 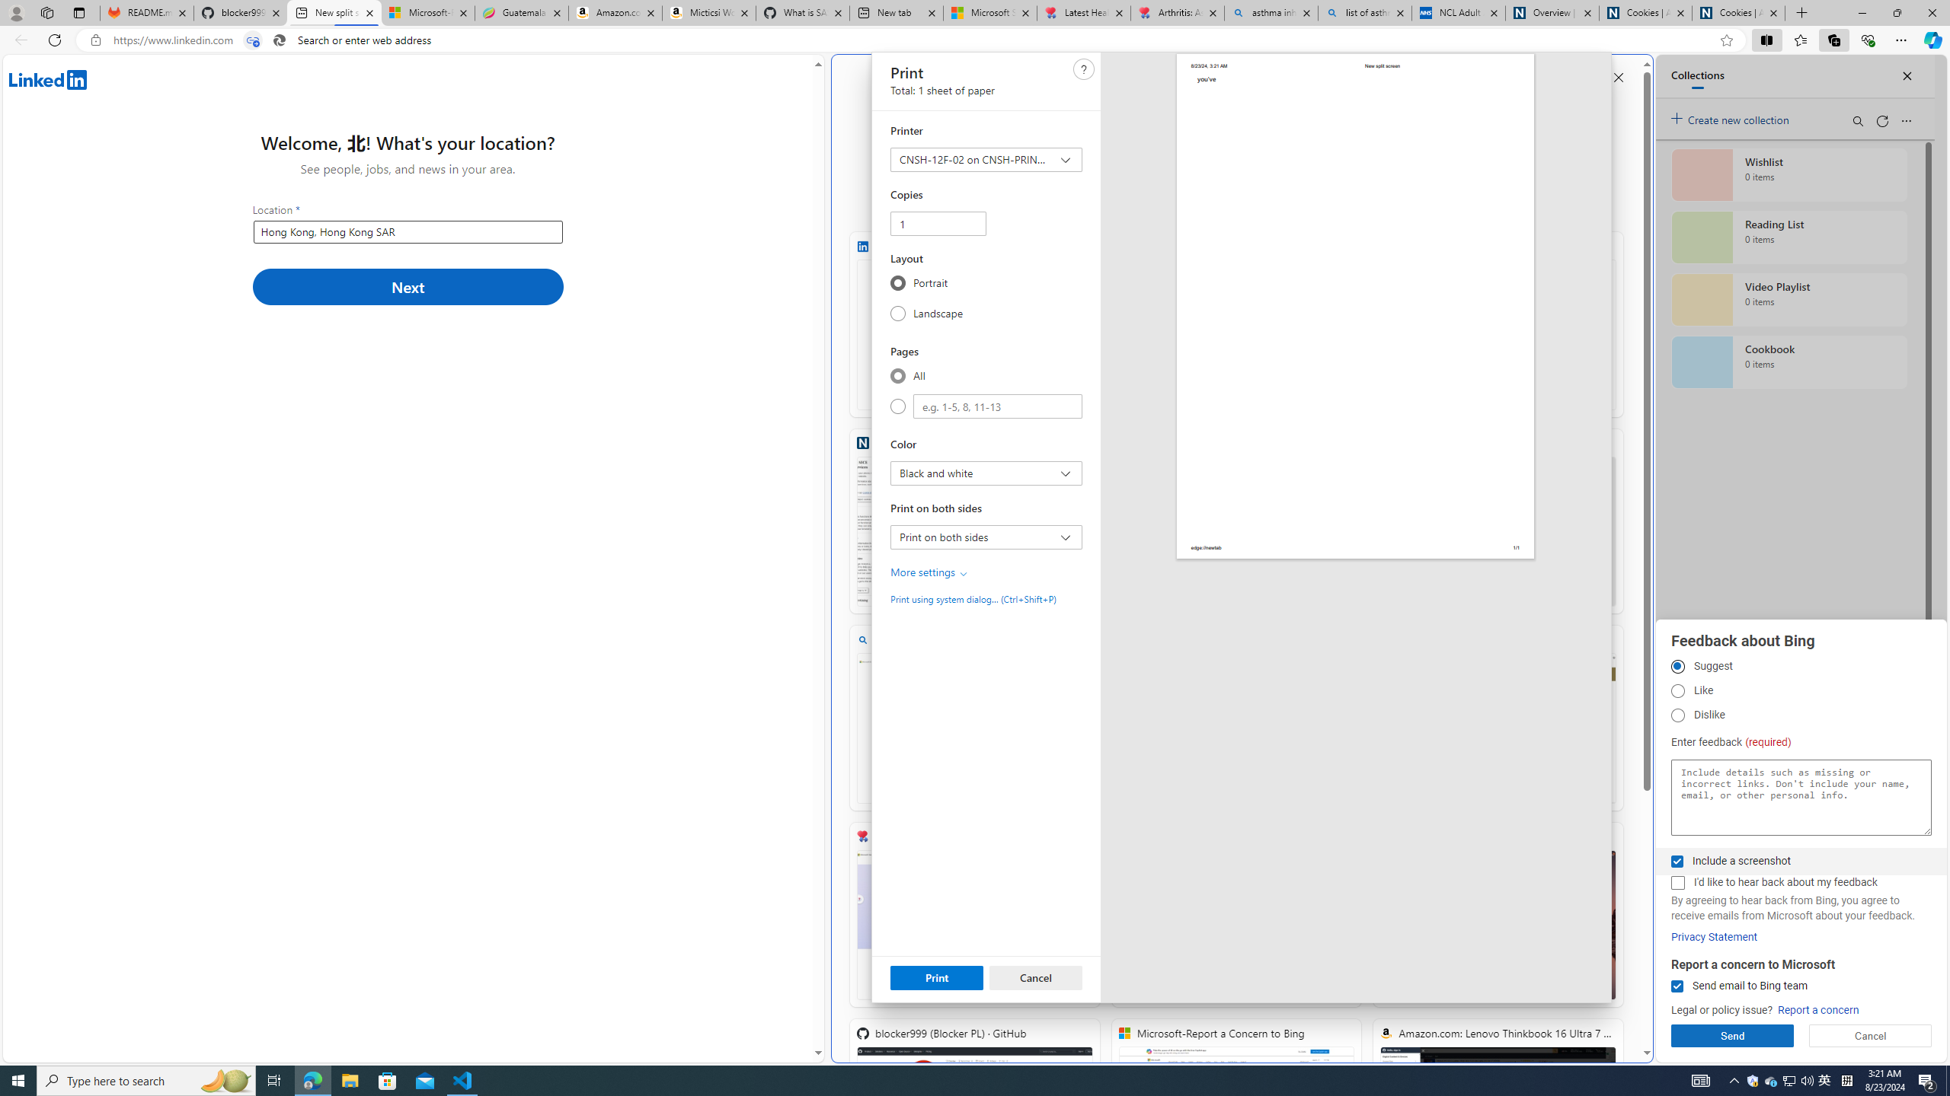 What do you see at coordinates (929, 572) in the screenshot?
I see `'More settings'` at bounding box center [929, 572].